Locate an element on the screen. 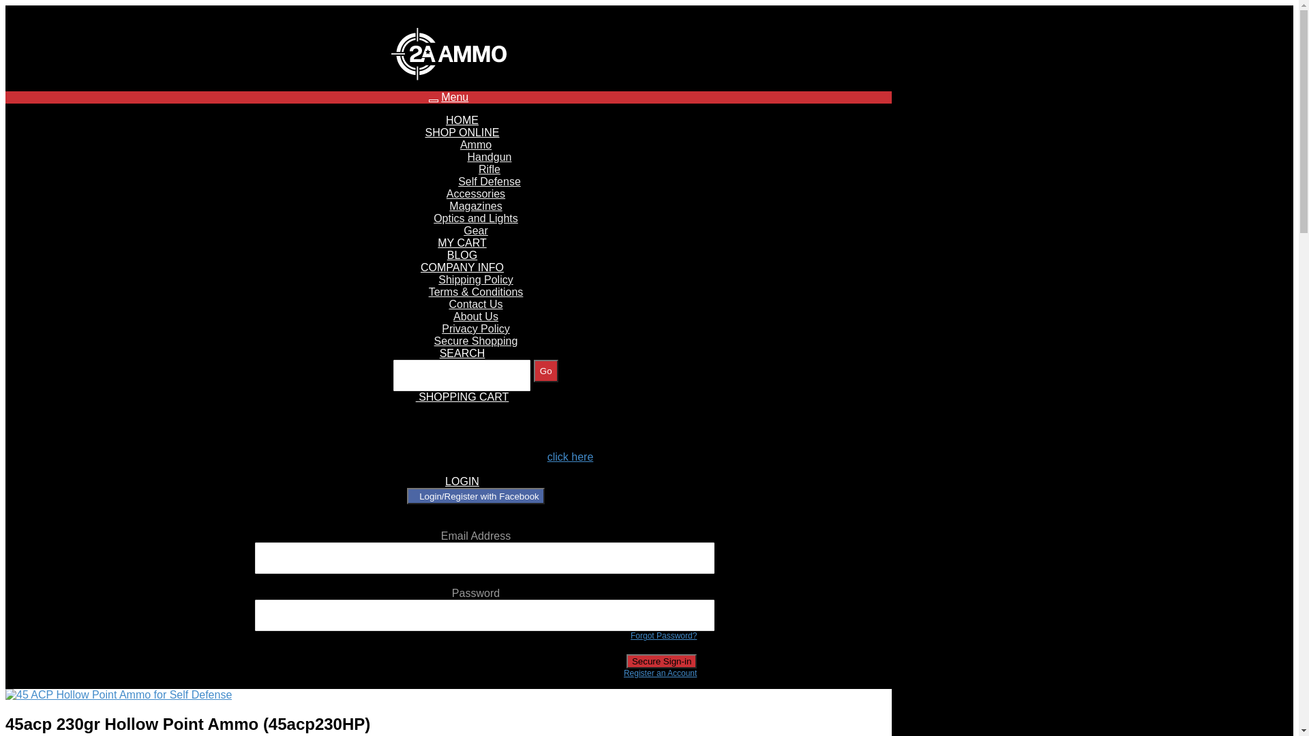  'click here' is located at coordinates (547, 457).